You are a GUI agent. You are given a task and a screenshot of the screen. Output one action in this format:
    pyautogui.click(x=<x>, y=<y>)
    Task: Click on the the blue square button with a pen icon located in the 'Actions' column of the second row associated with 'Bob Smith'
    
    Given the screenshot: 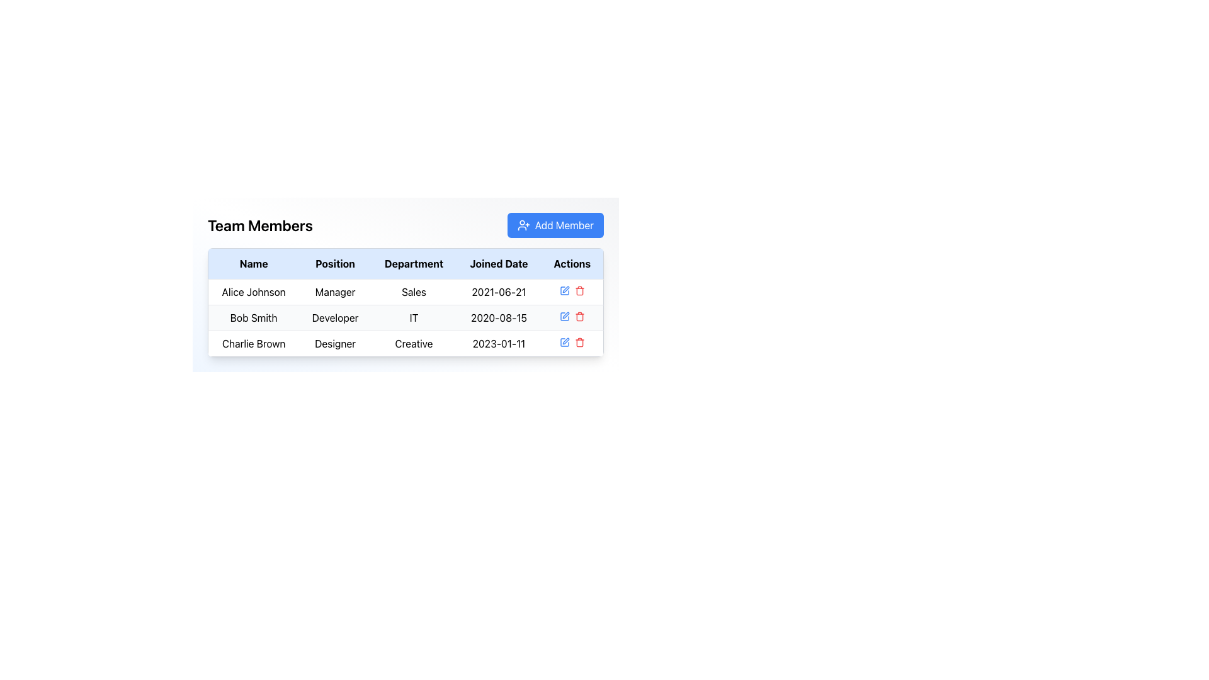 What is the action you would take?
    pyautogui.click(x=564, y=315)
    